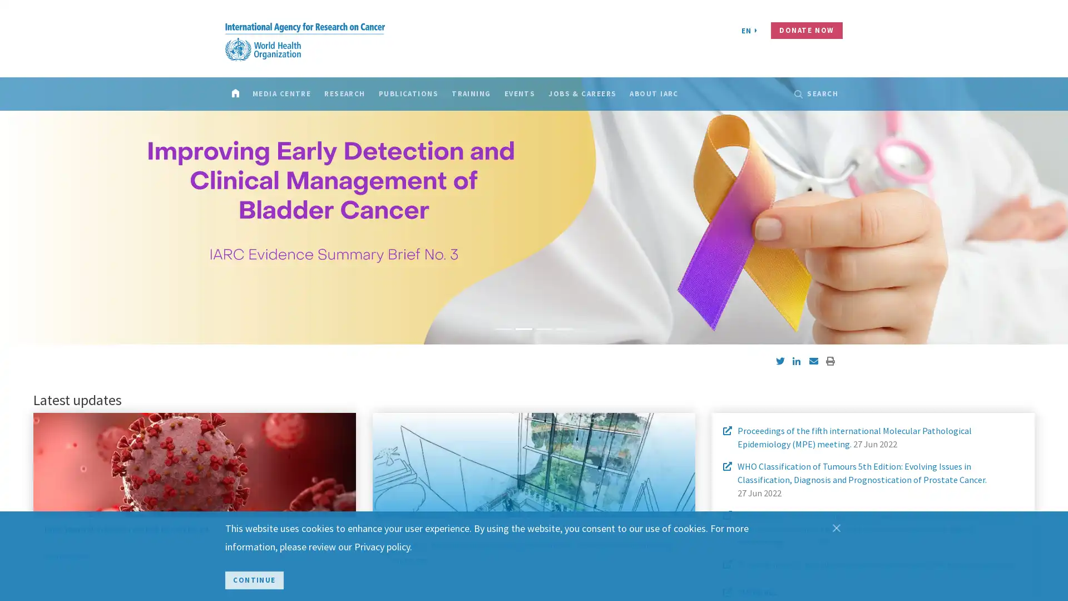 The width and height of the screenshot is (1068, 601). I want to click on Goto Slide 1, so click(503, 328).